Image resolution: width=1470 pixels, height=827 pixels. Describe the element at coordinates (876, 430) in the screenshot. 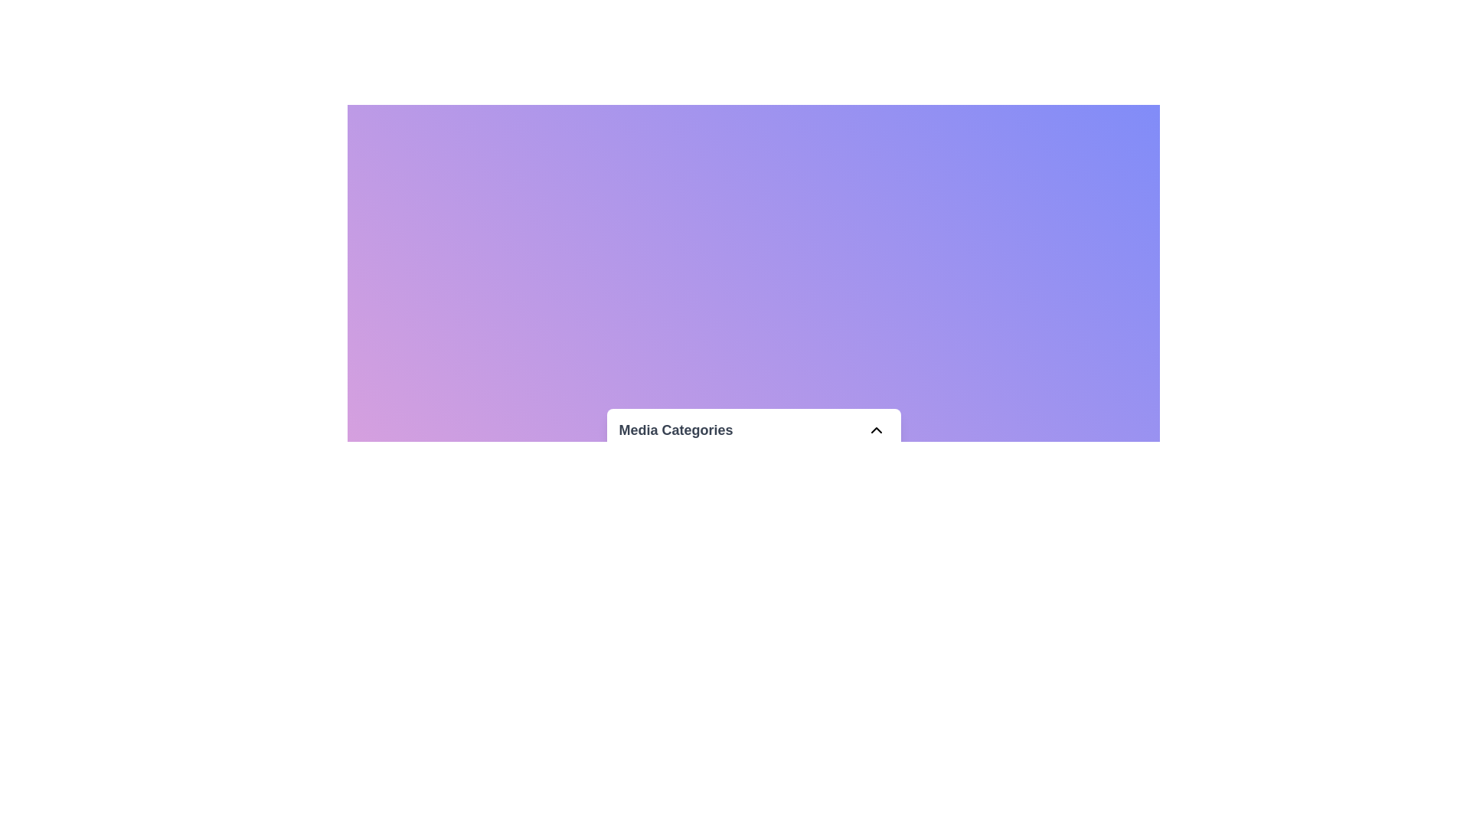

I see `the chevron icon to toggle the dropdown menu` at that location.